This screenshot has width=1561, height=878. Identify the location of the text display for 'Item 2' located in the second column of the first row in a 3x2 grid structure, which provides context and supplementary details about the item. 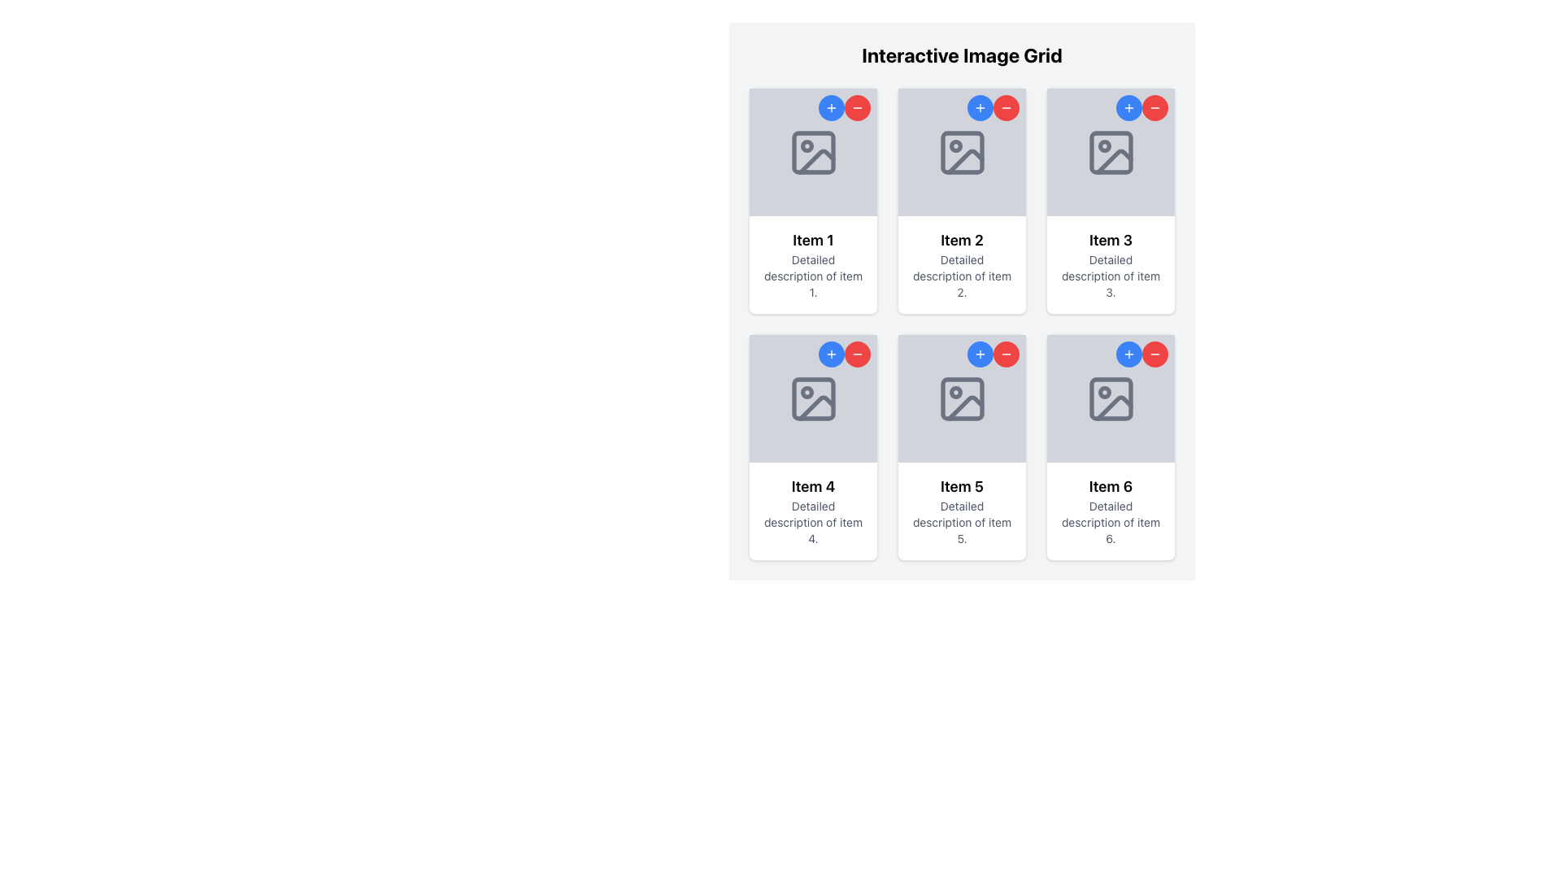
(962, 264).